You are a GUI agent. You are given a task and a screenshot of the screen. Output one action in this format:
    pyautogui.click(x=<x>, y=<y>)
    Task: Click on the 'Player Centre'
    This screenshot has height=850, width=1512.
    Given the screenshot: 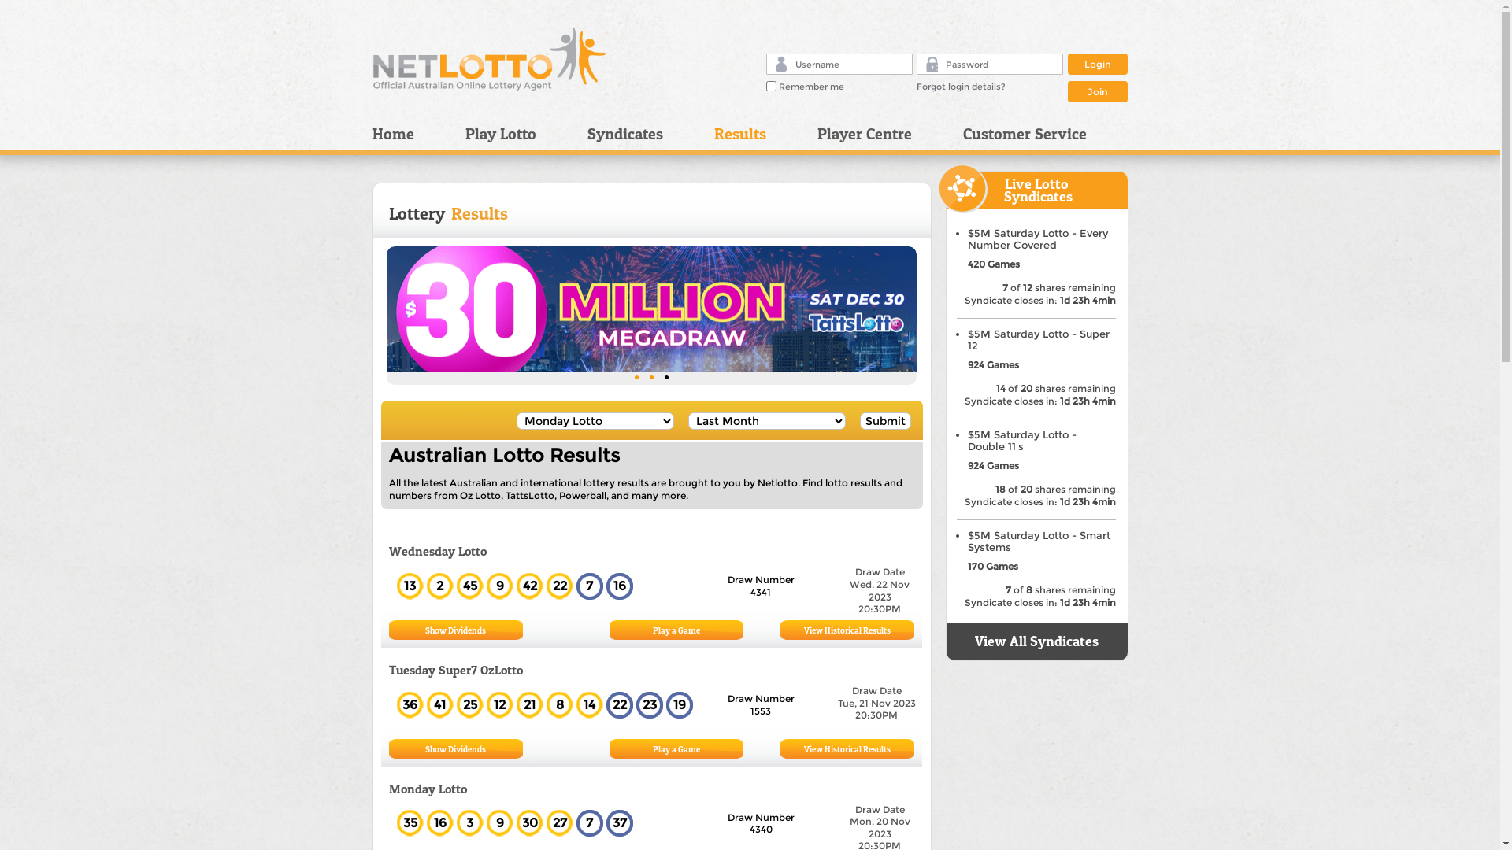 What is the action you would take?
    pyautogui.click(x=876, y=132)
    